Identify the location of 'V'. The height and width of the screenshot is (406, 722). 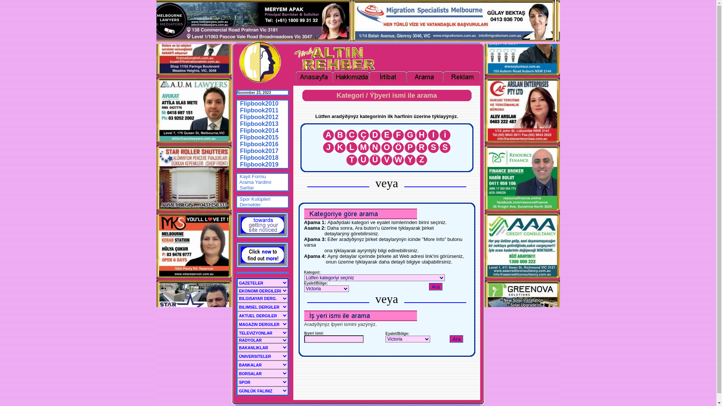
(386, 161).